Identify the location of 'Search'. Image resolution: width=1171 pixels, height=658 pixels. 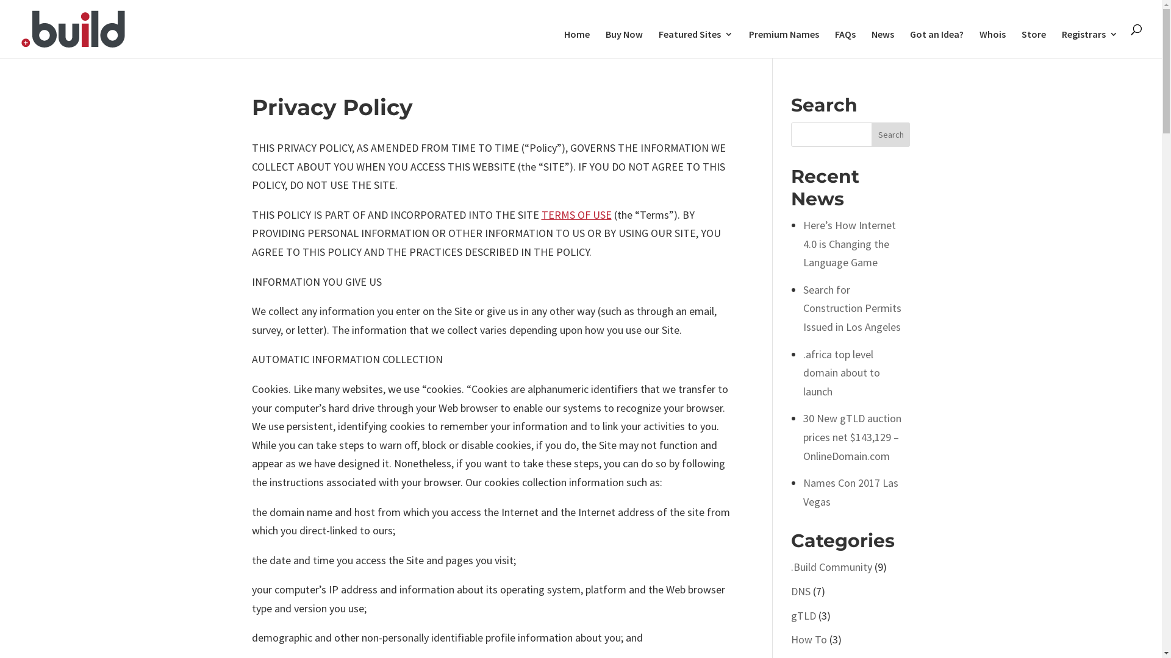
(890, 134).